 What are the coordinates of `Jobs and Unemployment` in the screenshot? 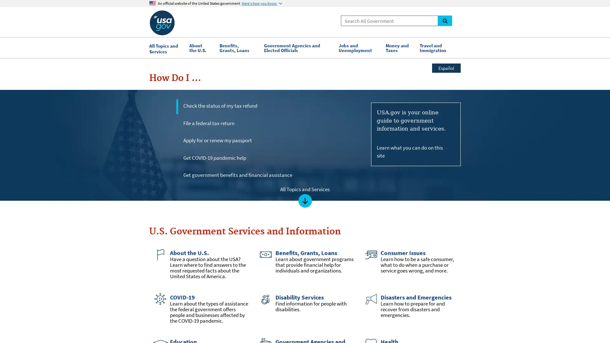 It's located at (359, 47).